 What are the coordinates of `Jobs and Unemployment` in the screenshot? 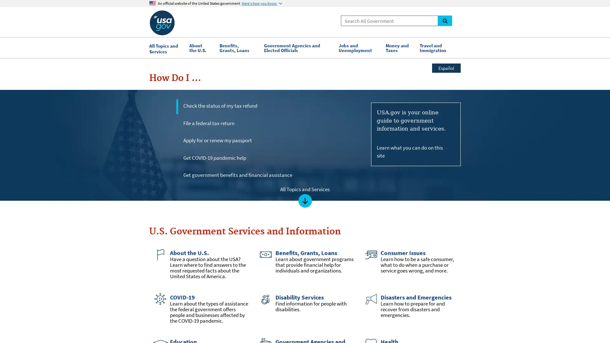 It's located at (359, 47).